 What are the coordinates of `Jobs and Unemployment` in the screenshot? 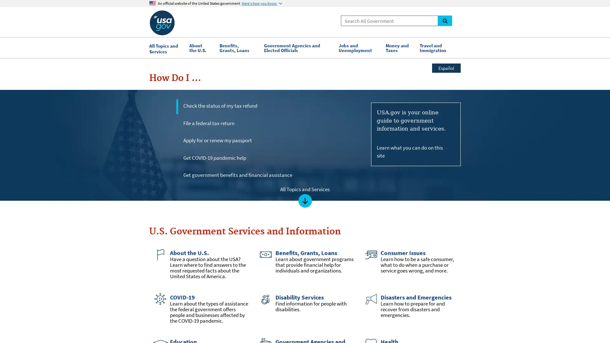 It's located at (359, 47).